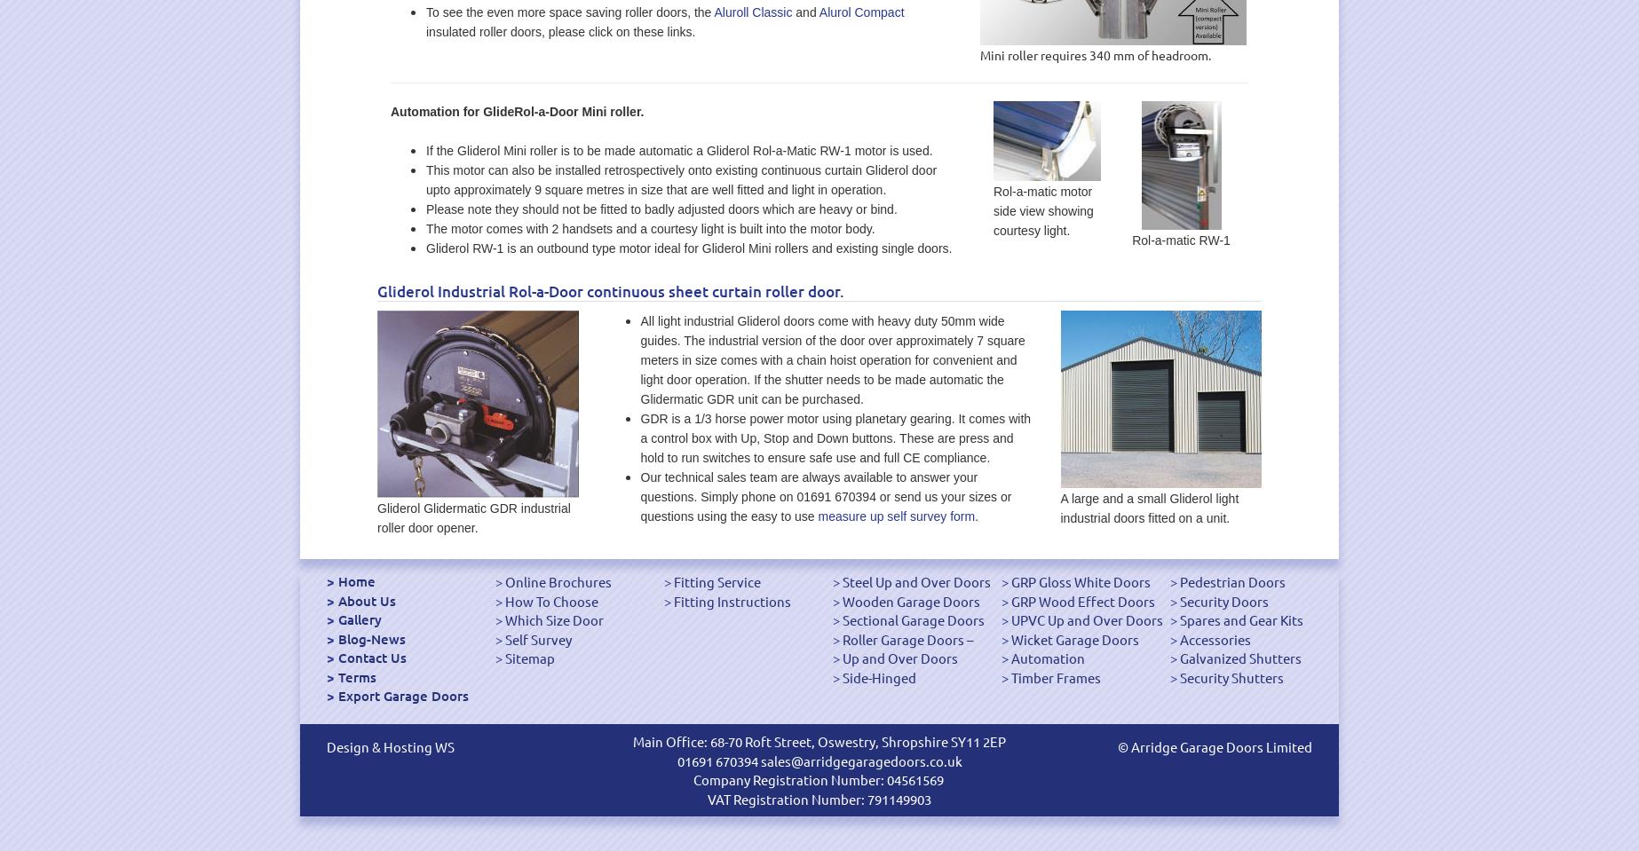  I want to click on 'Steel Up and Over Doors', so click(843, 581).